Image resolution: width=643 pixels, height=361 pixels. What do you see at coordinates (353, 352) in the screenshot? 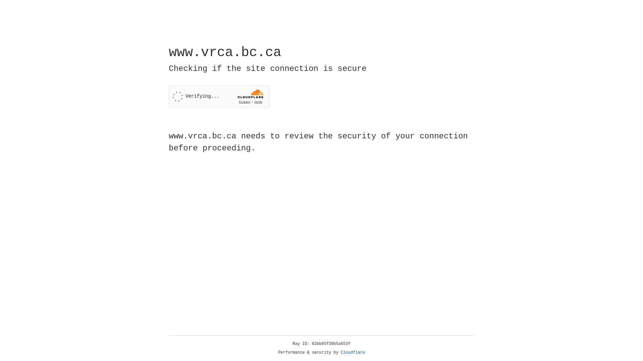
I see `'Cloudflare'` at bounding box center [353, 352].